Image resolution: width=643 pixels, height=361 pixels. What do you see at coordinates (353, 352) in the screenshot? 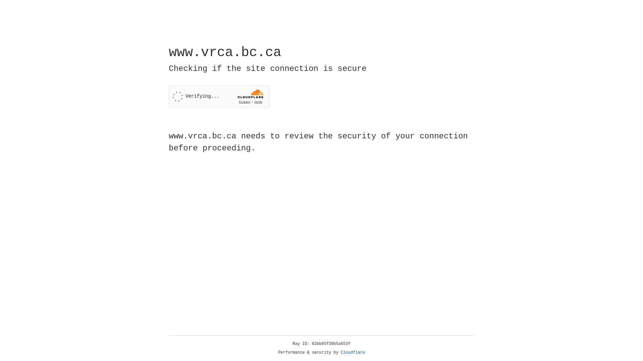
I see `'Cloudflare'` at bounding box center [353, 352].